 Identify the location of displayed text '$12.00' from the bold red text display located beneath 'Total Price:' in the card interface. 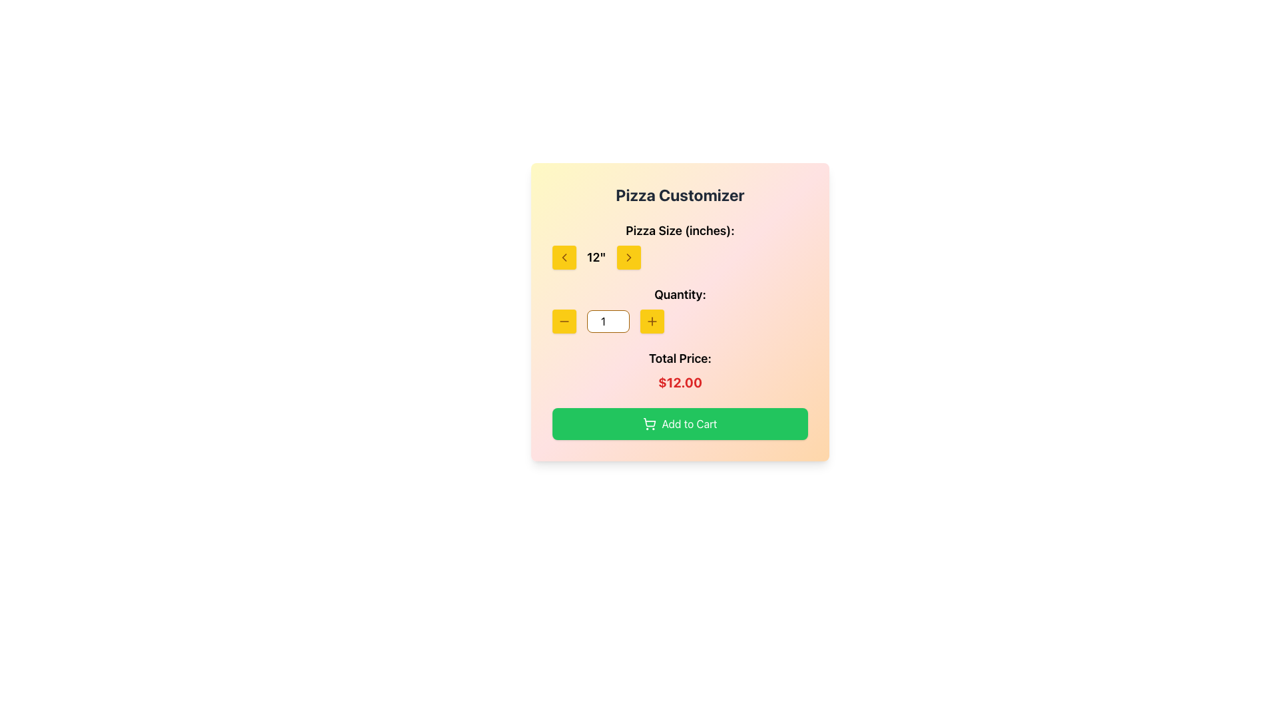
(680, 382).